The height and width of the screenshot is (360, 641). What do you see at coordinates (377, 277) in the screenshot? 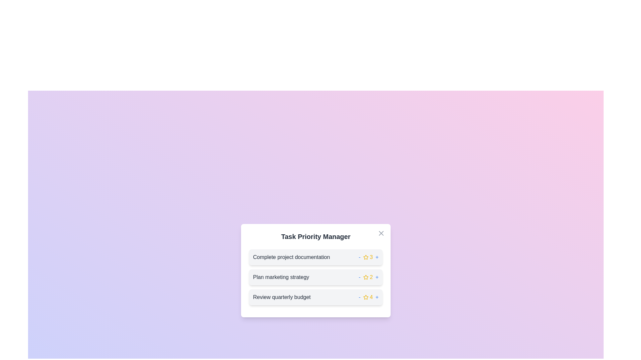
I see `'+' button next to the task with ID 2` at bounding box center [377, 277].